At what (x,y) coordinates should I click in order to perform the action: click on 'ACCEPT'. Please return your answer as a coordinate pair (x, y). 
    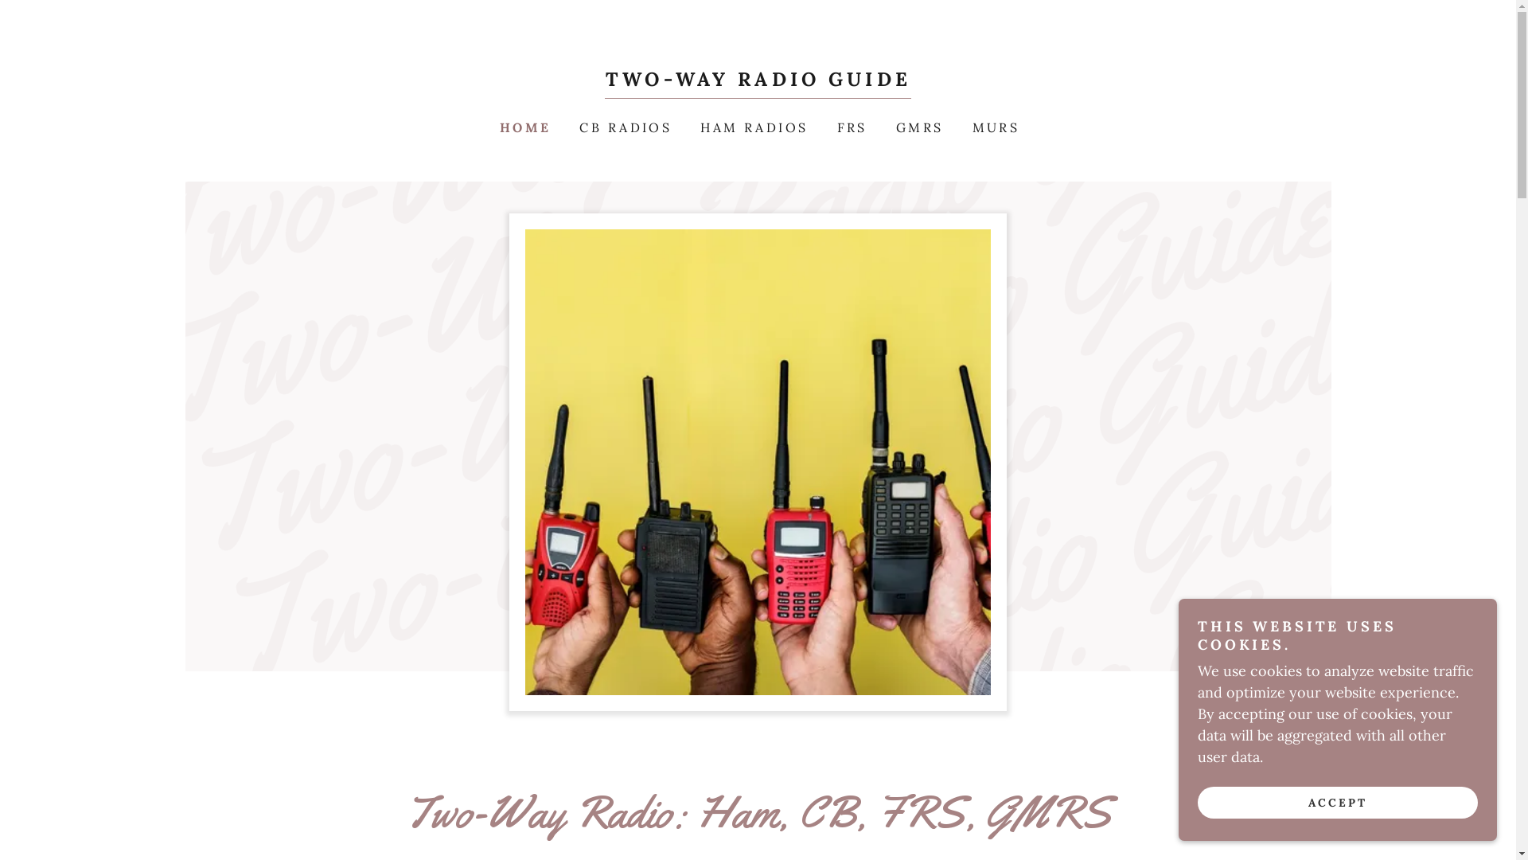
    Looking at the image, I should click on (1337, 802).